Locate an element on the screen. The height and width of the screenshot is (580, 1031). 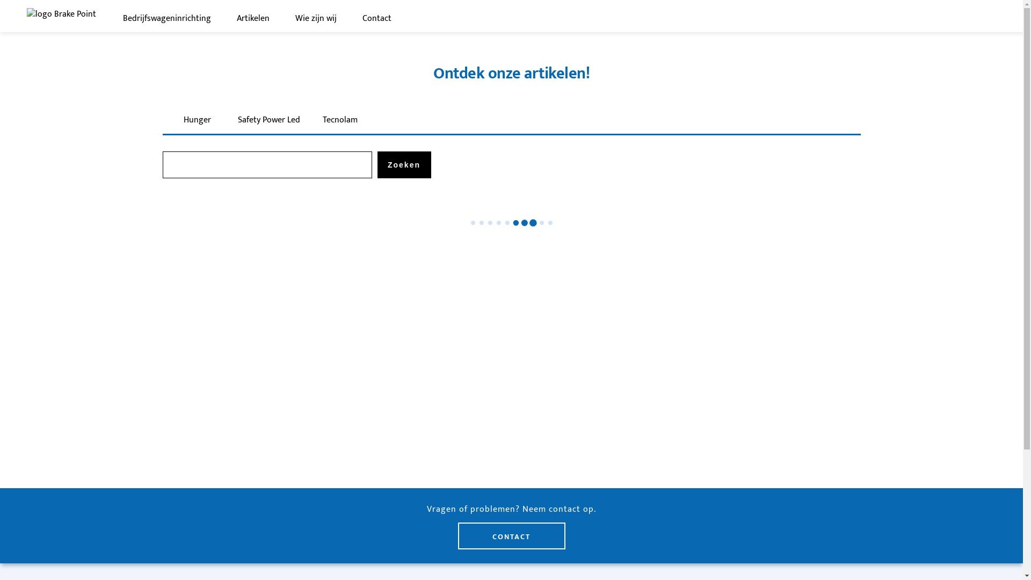
'Wie zijn wij' is located at coordinates (295, 18).